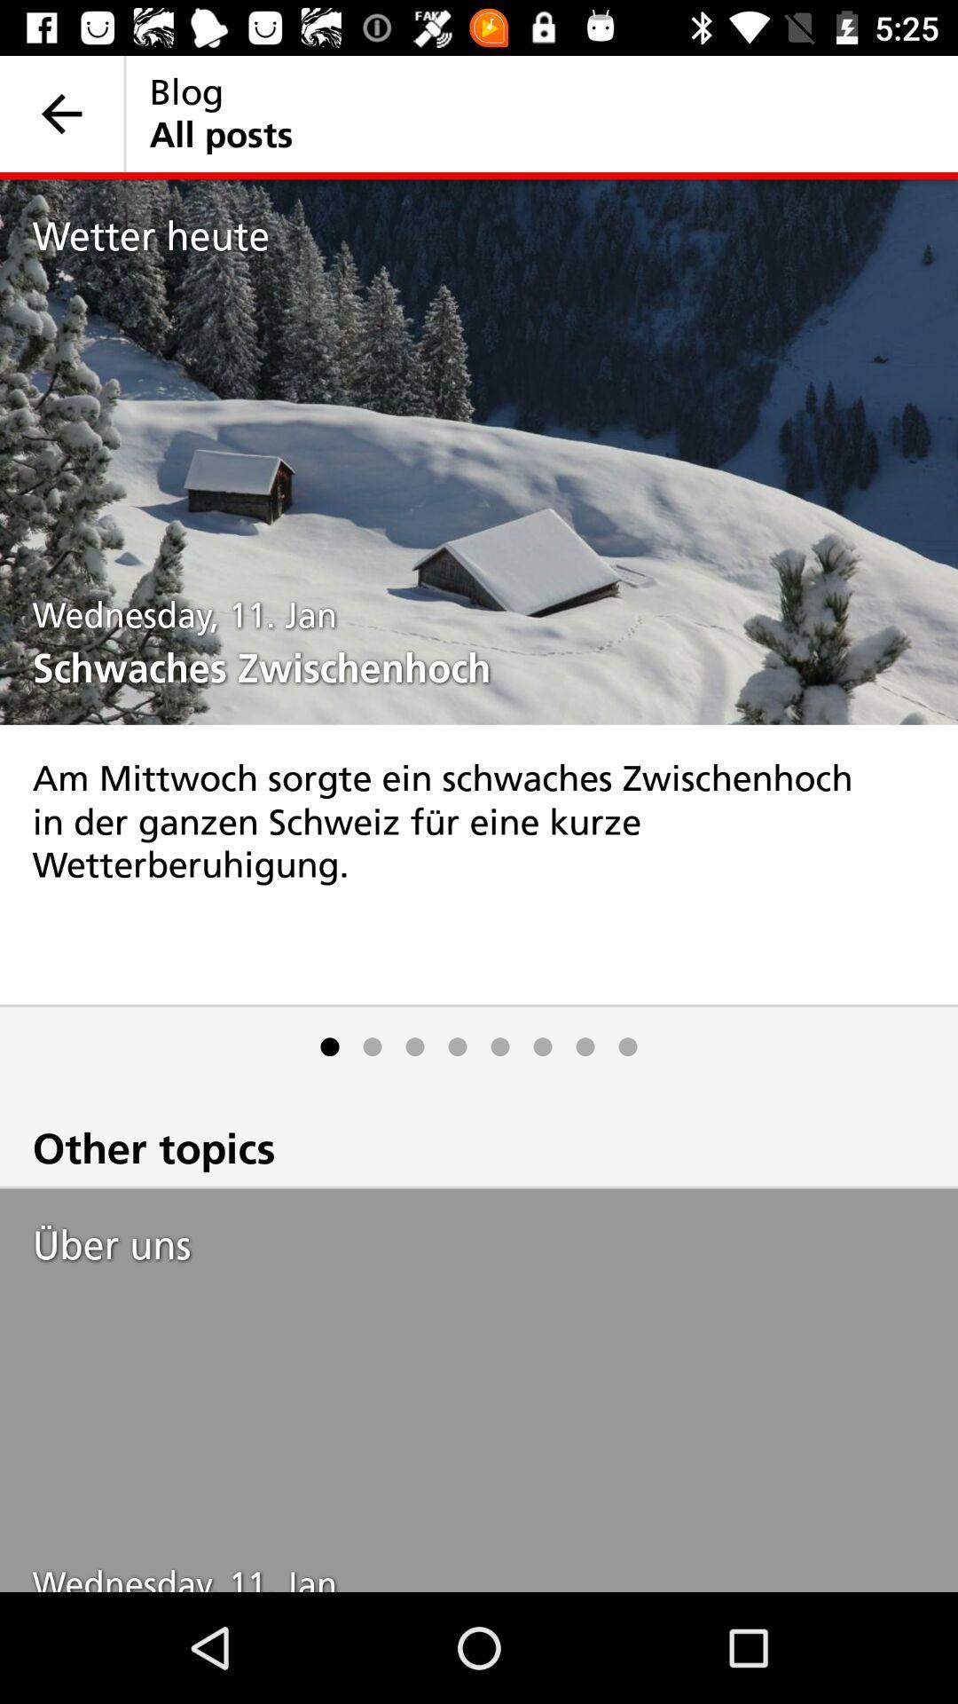  I want to click on item above other topics icon, so click(329, 1046).